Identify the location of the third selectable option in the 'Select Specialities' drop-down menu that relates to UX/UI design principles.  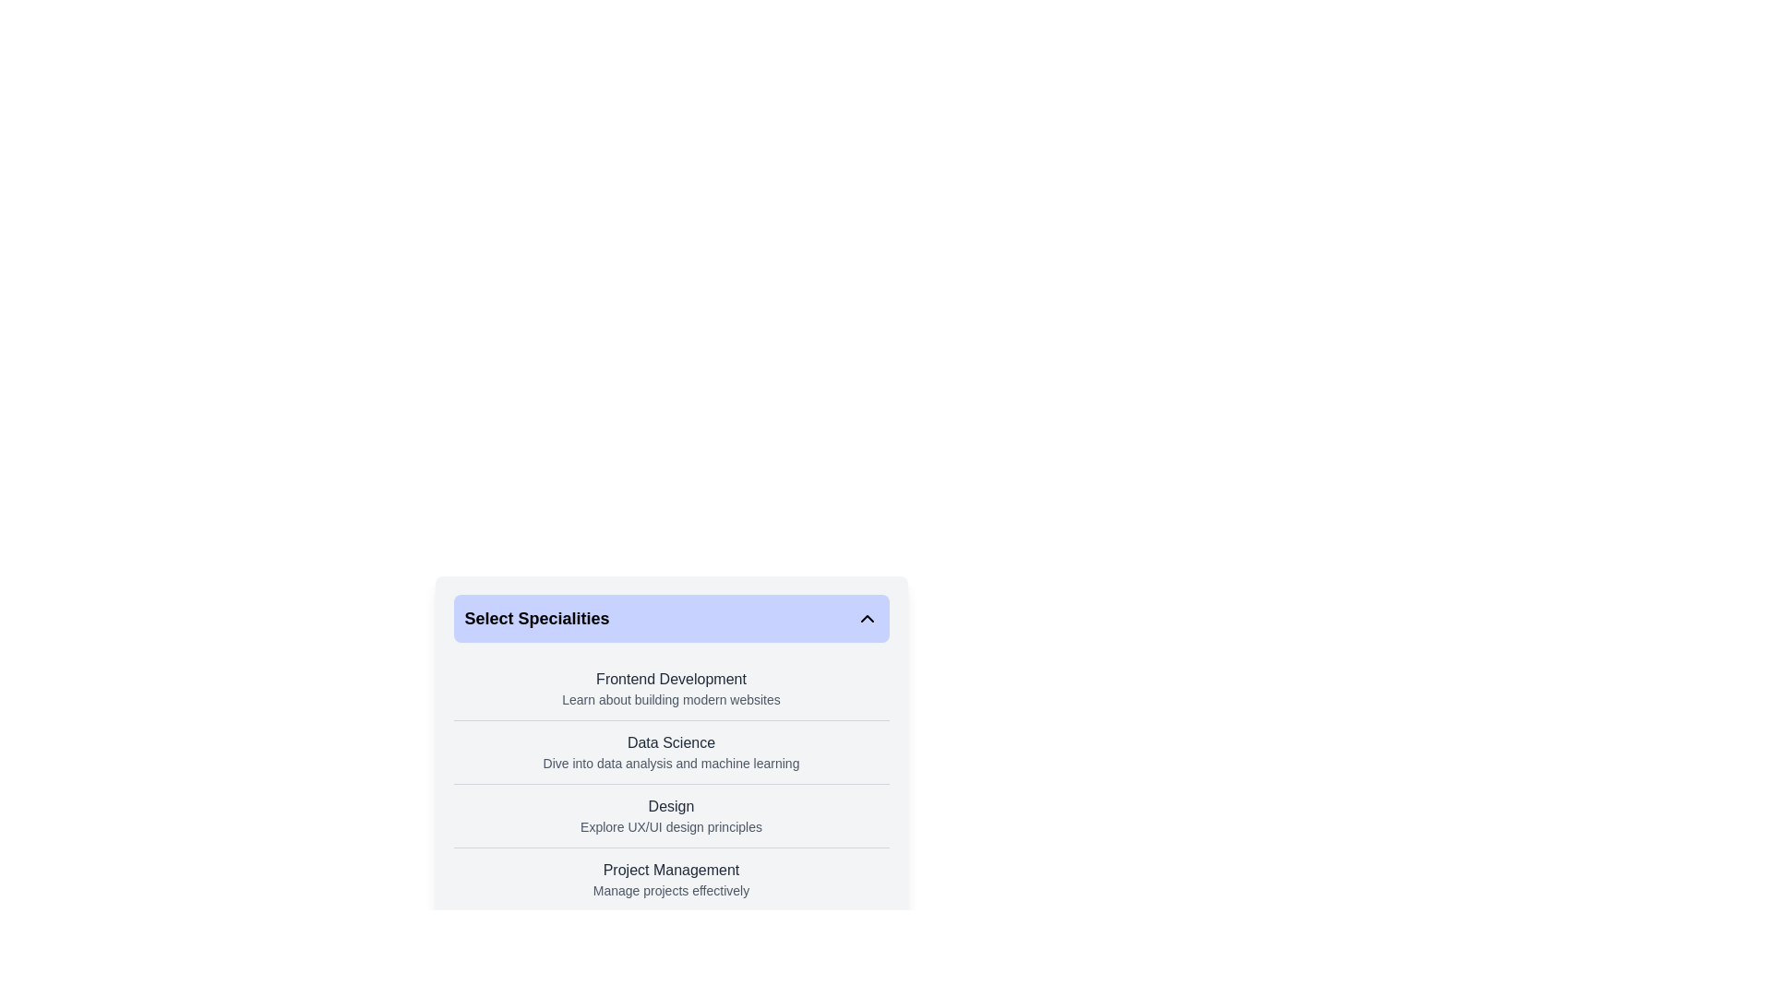
(670, 814).